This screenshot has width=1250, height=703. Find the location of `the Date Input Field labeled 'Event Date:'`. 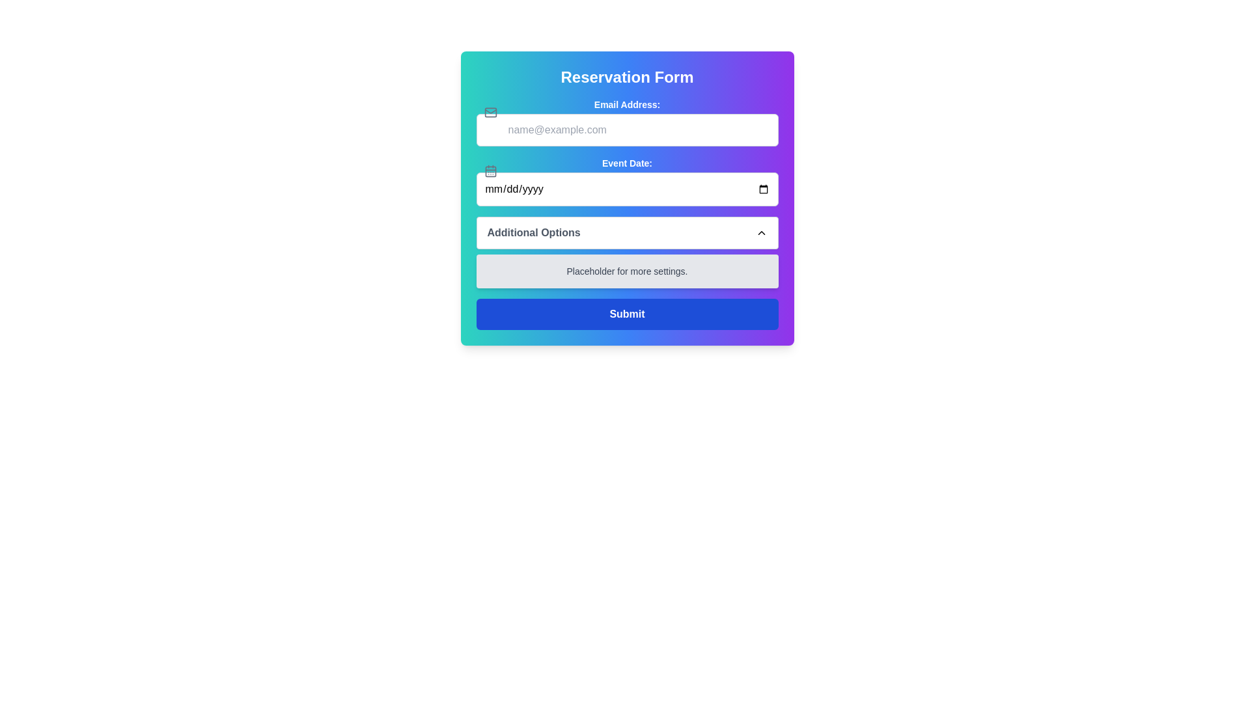

the Date Input Field labeled 'Event Date:' is located at coordinates (627, 181).